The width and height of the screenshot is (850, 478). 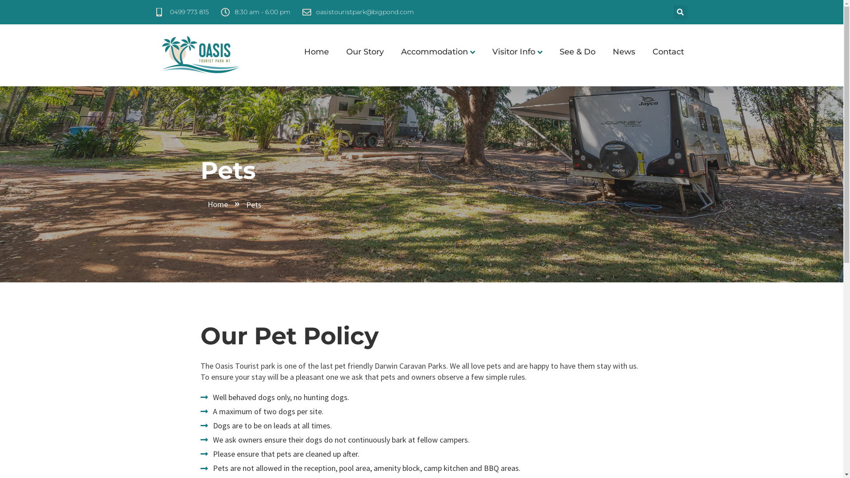 What do you see at coordinates (618, 52) in the screenshot?
I see `'News'` at bounding box center [618, 52].